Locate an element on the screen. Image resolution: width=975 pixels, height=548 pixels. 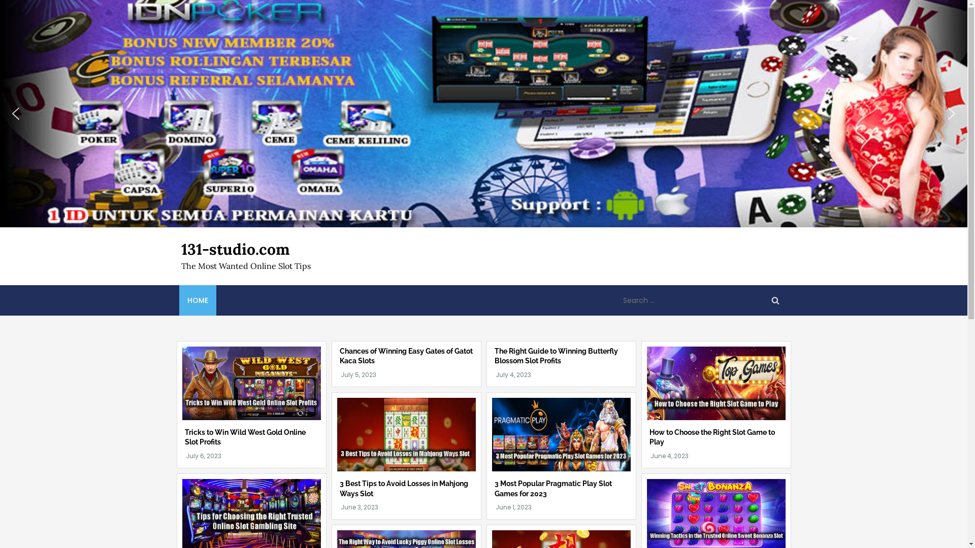
'131-studio.com' is located at coordinates (180, 249).